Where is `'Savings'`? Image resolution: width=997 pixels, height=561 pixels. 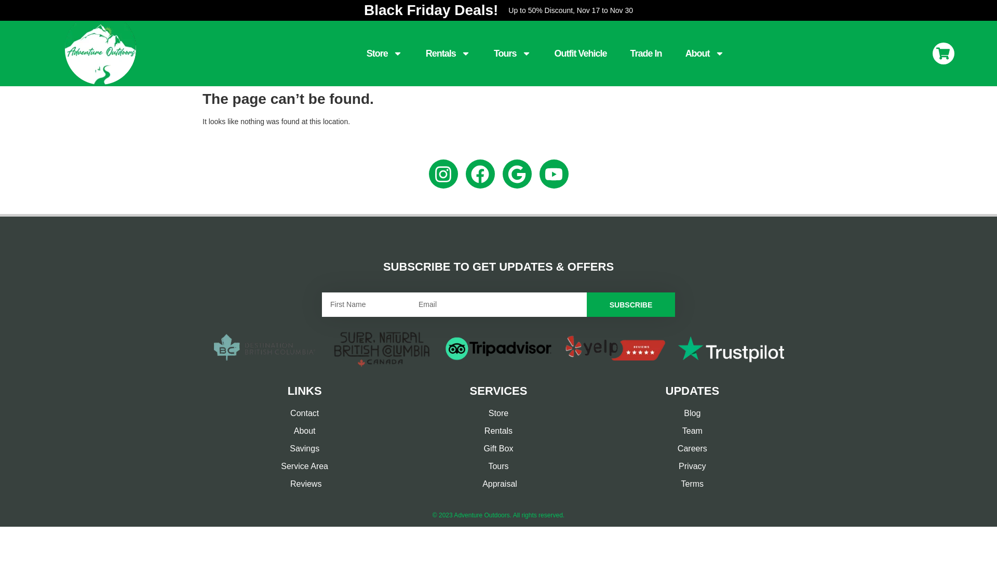 'Savings' is located at coordinates (304, 448).